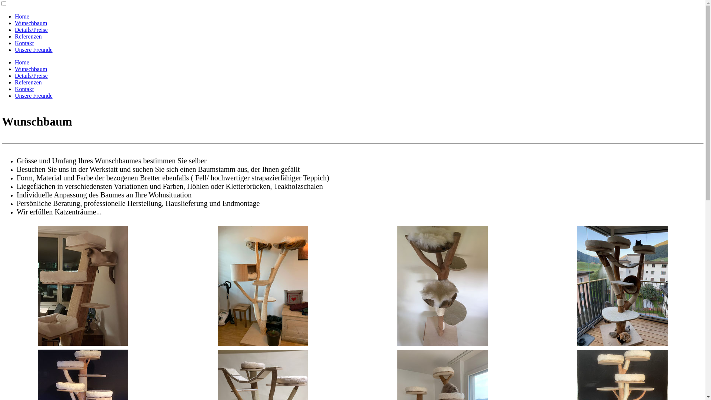 This screenshot has height=400, width=711. What do you see at coordinates (22, 16) in the screenshot?
I see `'Home'` at bounding box center [22, 16].